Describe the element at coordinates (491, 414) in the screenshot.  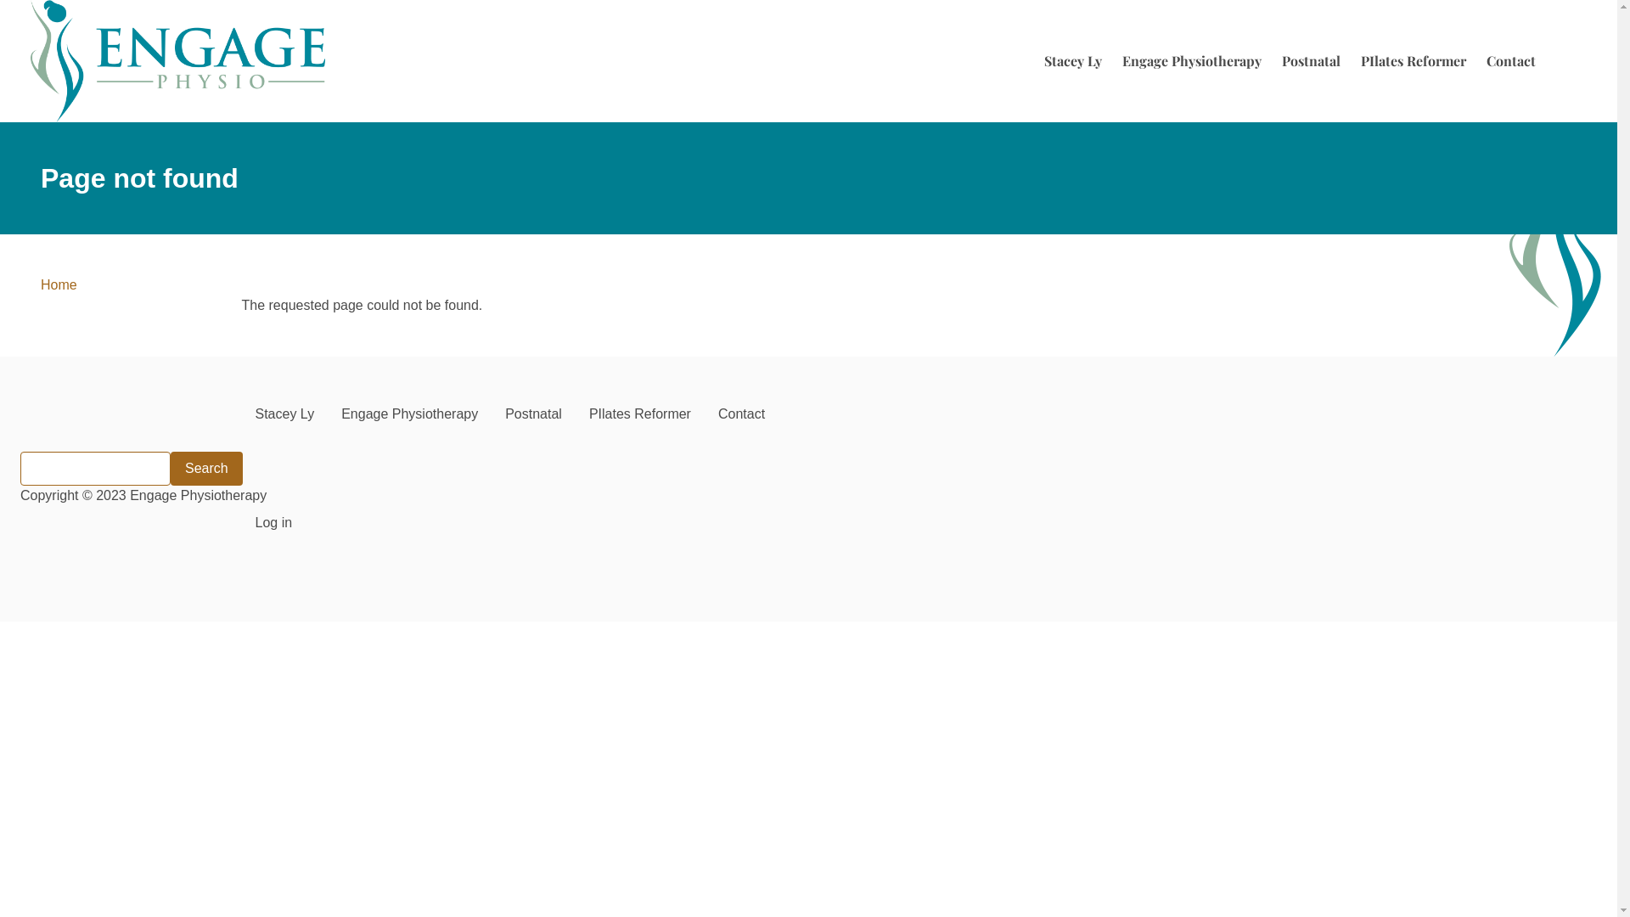
I see `'Postnatal'` at that location.